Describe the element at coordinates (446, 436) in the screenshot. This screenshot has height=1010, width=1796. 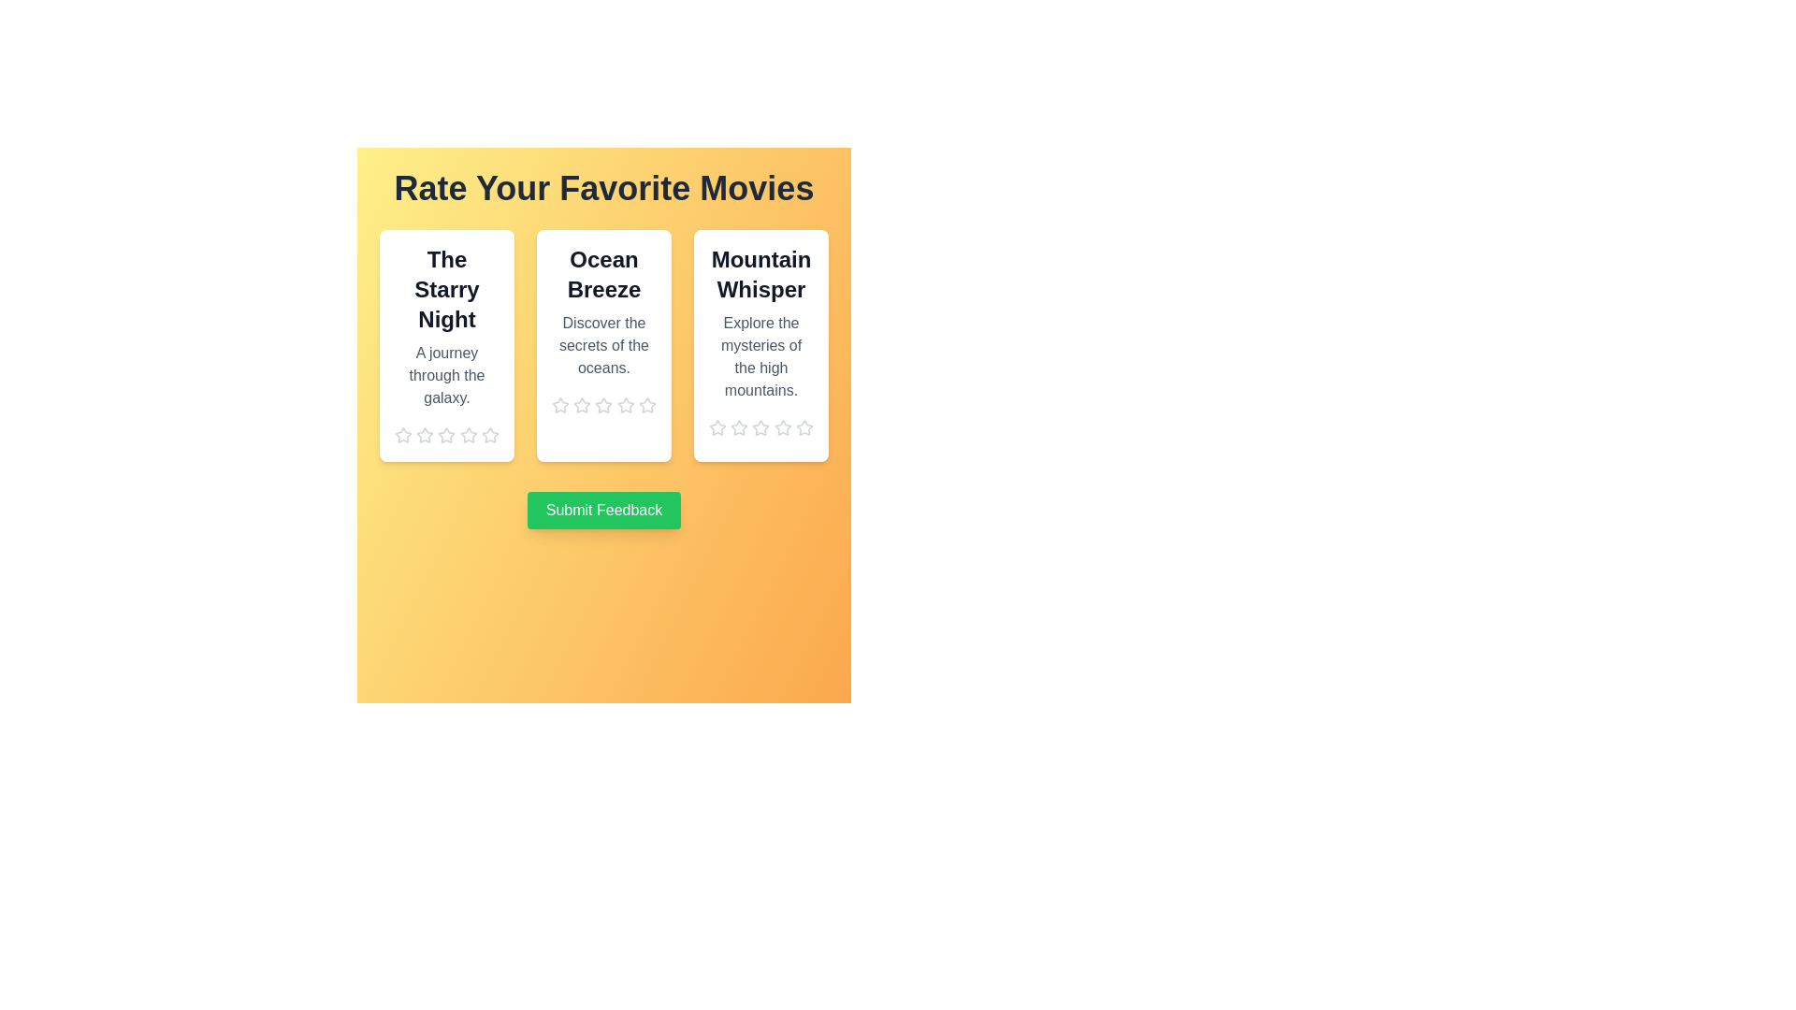
I see `the star corresponding to 3 stars to preview the rating` at that location.